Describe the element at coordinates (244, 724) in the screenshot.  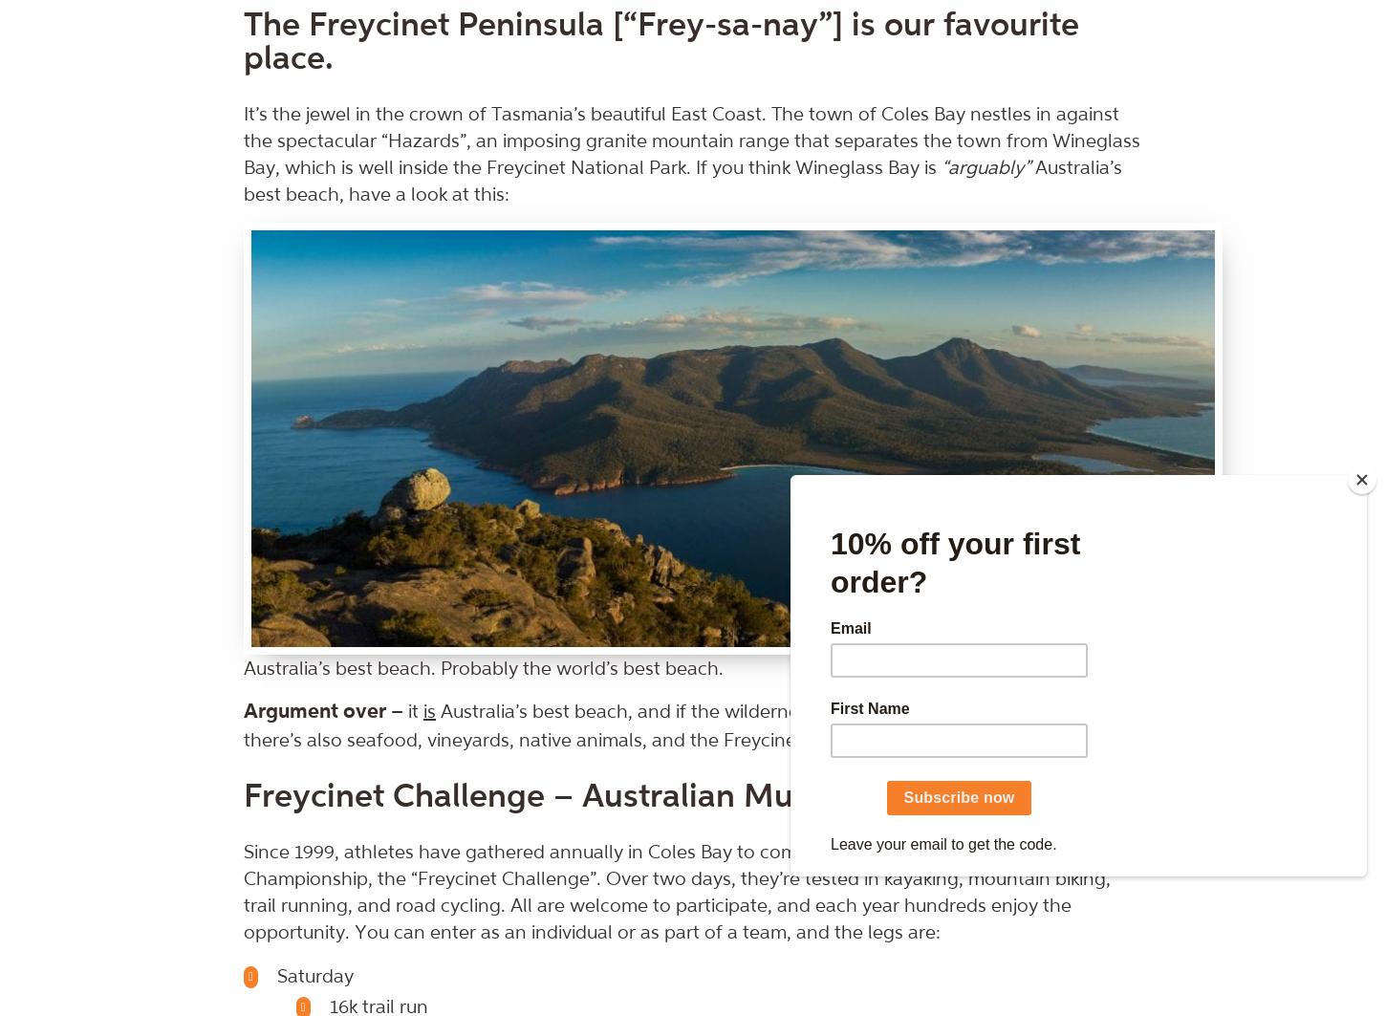
I see `'Australia’s best beach, and if the wilderness isn’t enough to keep you amused there’s also seafood, vineyards, native animals, and the Freycinet Challenge.'` at that location.